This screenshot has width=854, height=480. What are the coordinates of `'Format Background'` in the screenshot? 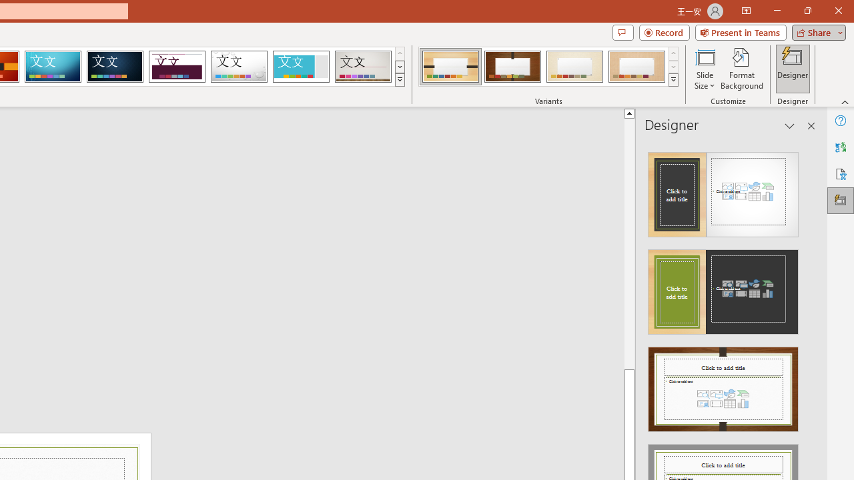 It's located at (741, 69).